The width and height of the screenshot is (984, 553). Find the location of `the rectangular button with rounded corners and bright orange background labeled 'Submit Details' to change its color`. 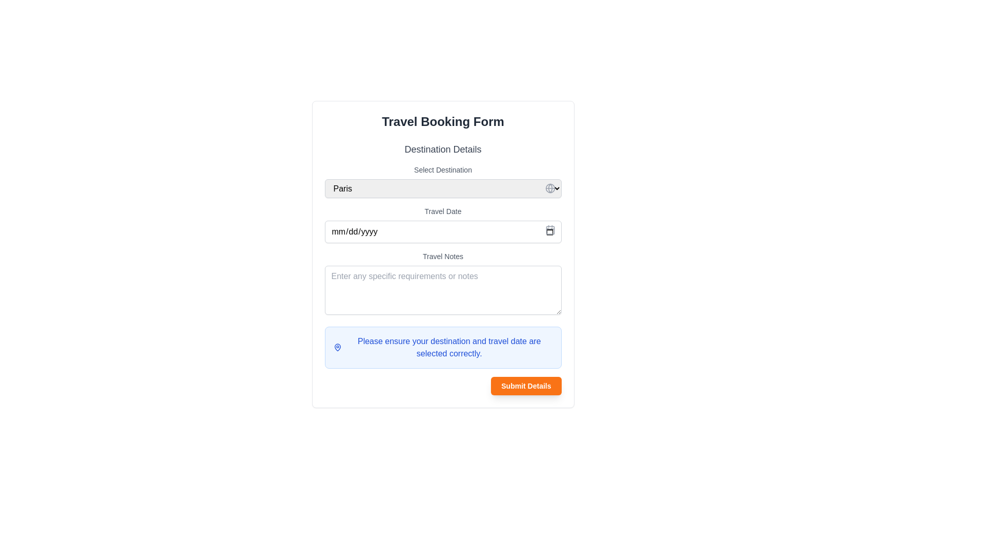

the rectangular button with rounded corners and bright orange background labeled 'Submit Details' to change its color is located at coordinates (526, 386).